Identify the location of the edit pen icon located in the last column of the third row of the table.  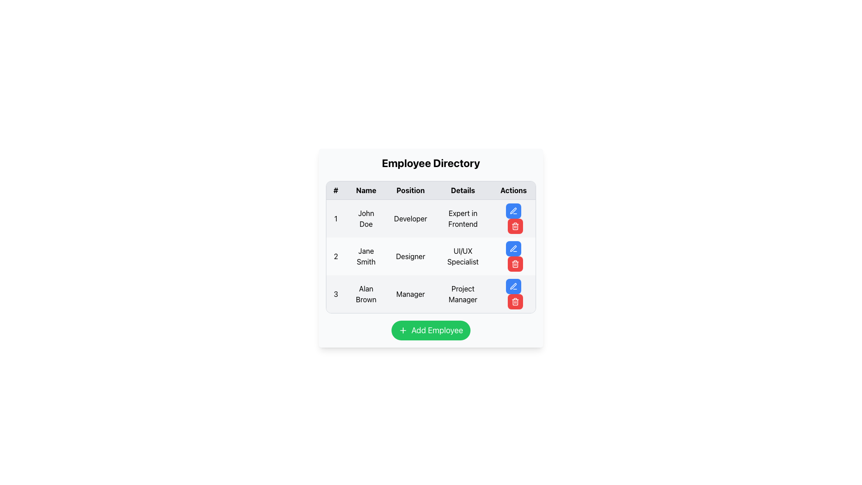
(513, 286).